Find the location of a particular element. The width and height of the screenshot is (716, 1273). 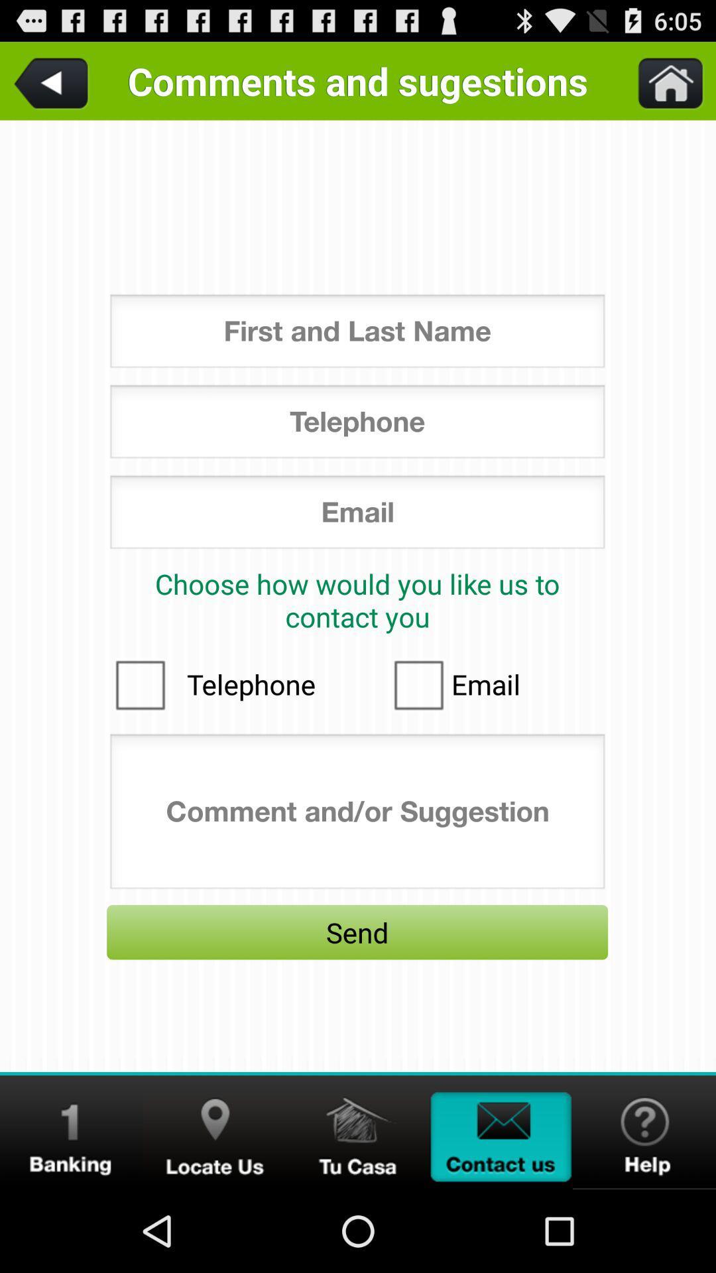

the email icon is located at coordinates (501, 1212).